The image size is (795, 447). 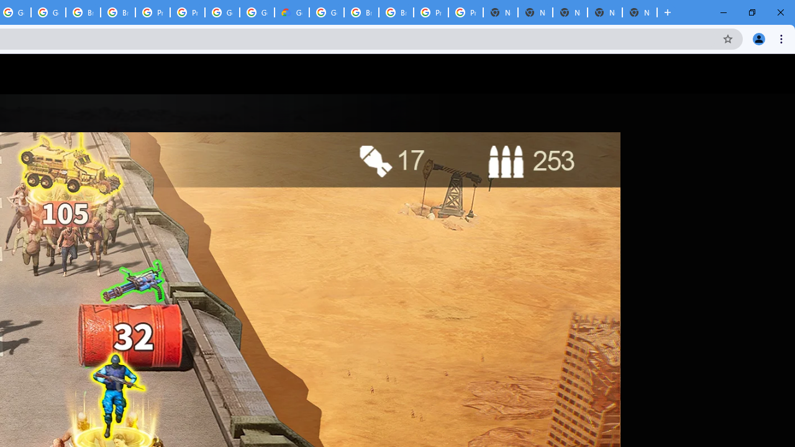 I want to click on 'Google Cloud Platform', so click(x=257, y=12).